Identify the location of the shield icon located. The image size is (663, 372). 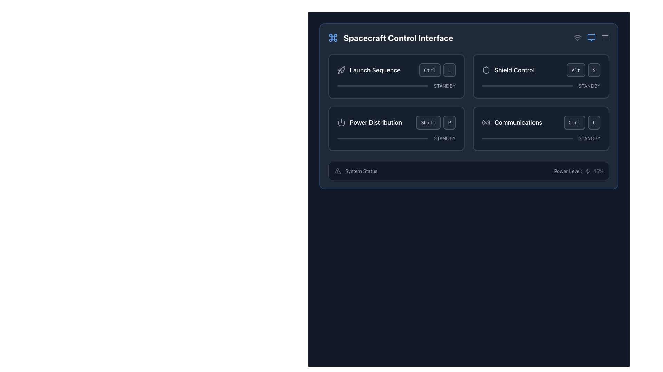
(486, 70).